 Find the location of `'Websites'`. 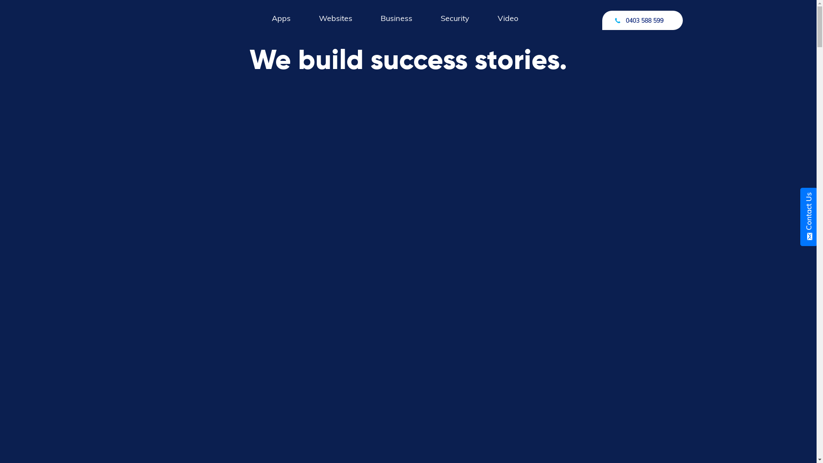

'Websites' is located at coordinates (318, 25).